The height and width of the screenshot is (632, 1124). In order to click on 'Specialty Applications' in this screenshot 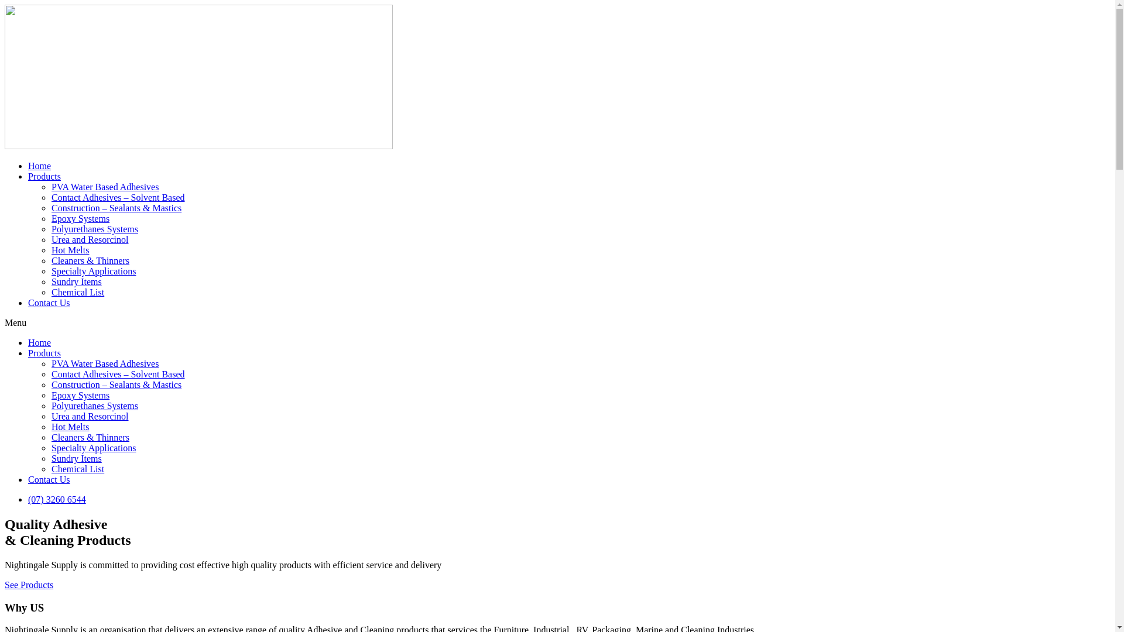, I will do `click(92, 271)`.